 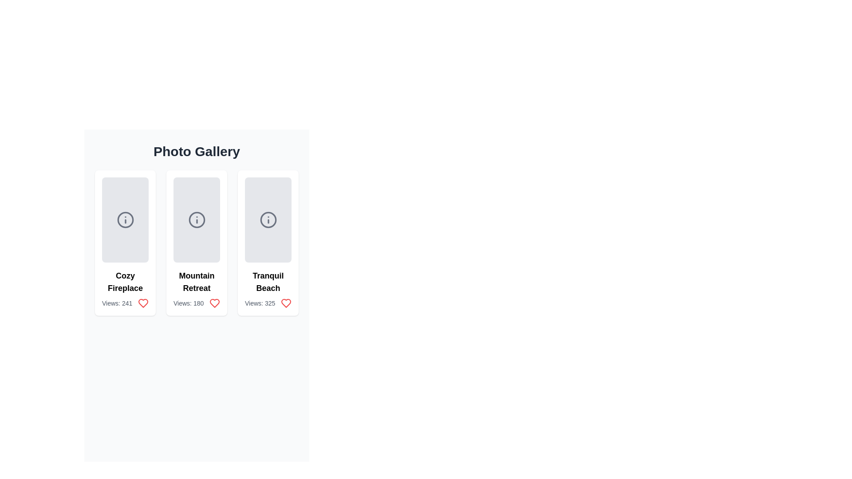 What do you see at coordinates (125, 282) in the screenshot?
I see `the 'Cozy Fireplace' text label, which is styled with bold text in a large font and positioned in the first card of the gallery layout, above the 'Views: 241' label and heart icon` at bounding box center [125, 282].